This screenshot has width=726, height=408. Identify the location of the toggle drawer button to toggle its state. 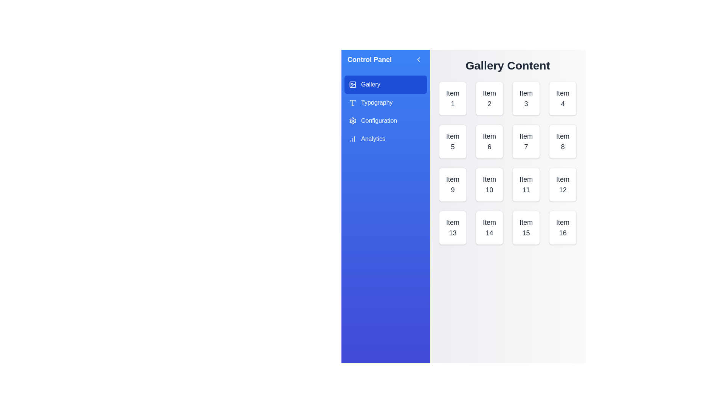
(418, 59).